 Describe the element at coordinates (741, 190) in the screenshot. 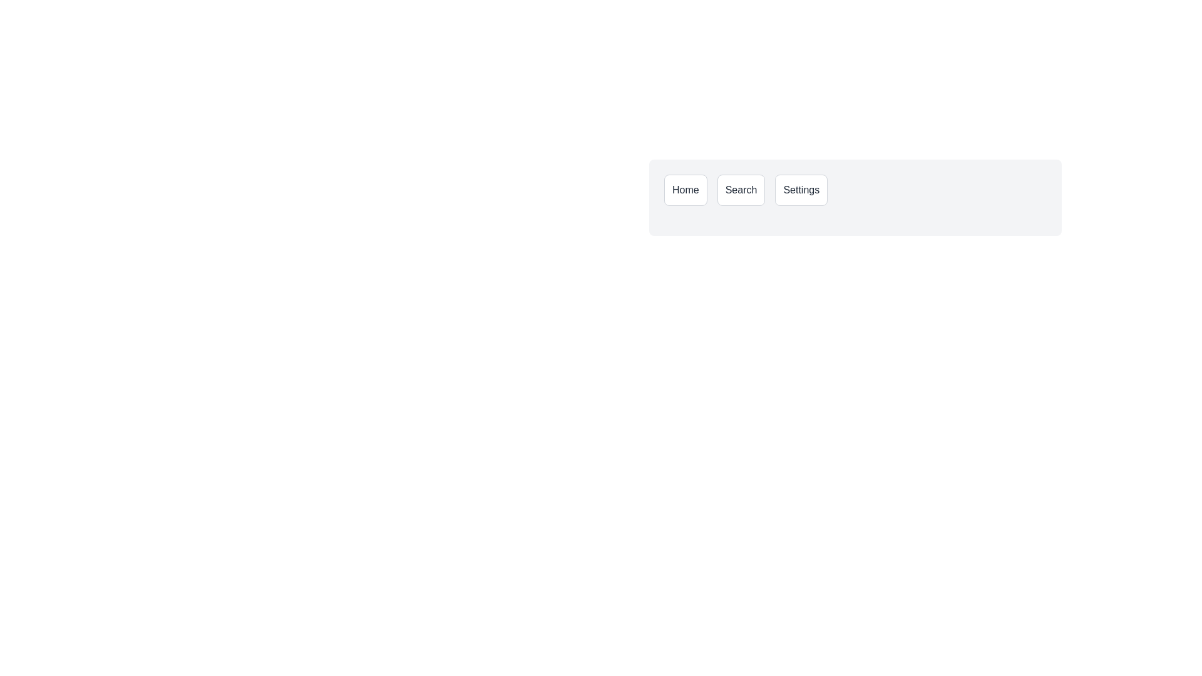

I see `the 'Search' button, which is a rectangular button with rounded corners, displaying the text 'Search' in black on a white background, located centrally between the 'Home' and 'Settings' buttons` at that location.